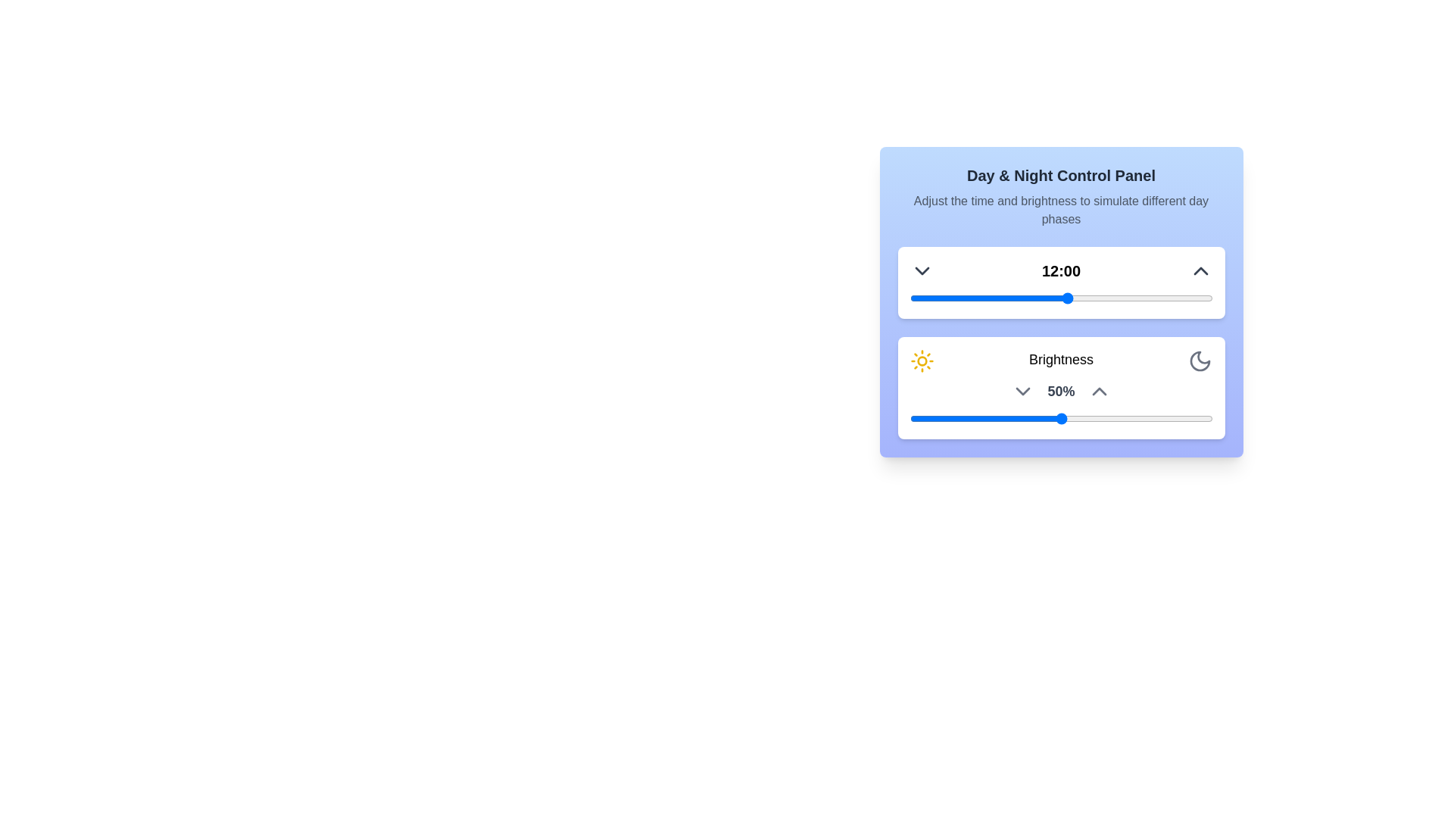  Describe the element at coordinates (927, 418) in the screenshot. I see `brightness` at that location.